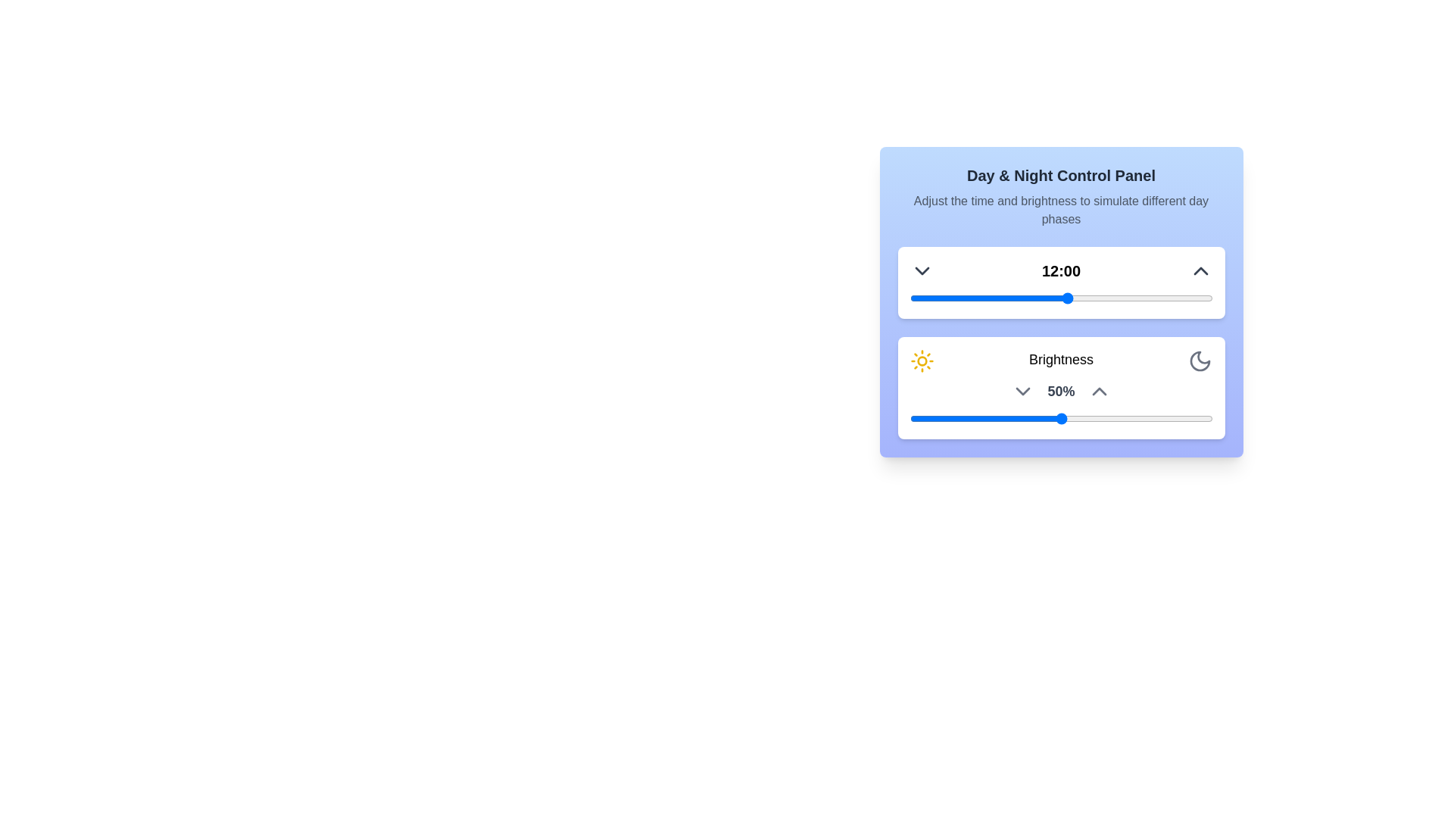  Describe the element at coordinates (927, 418) in the screenshot. I see `brightness` at that location.